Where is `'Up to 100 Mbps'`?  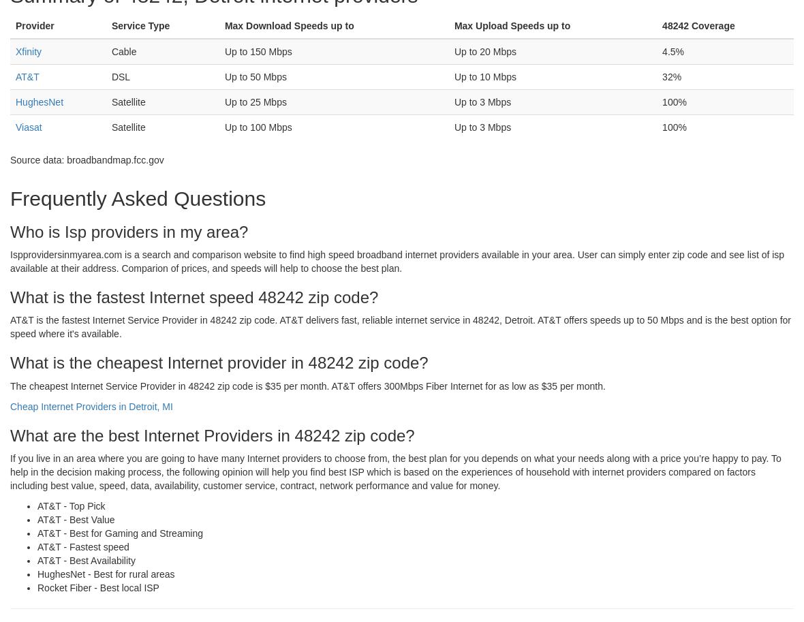 'Up to 100 Mbps' is located at coordinates (257, 126).